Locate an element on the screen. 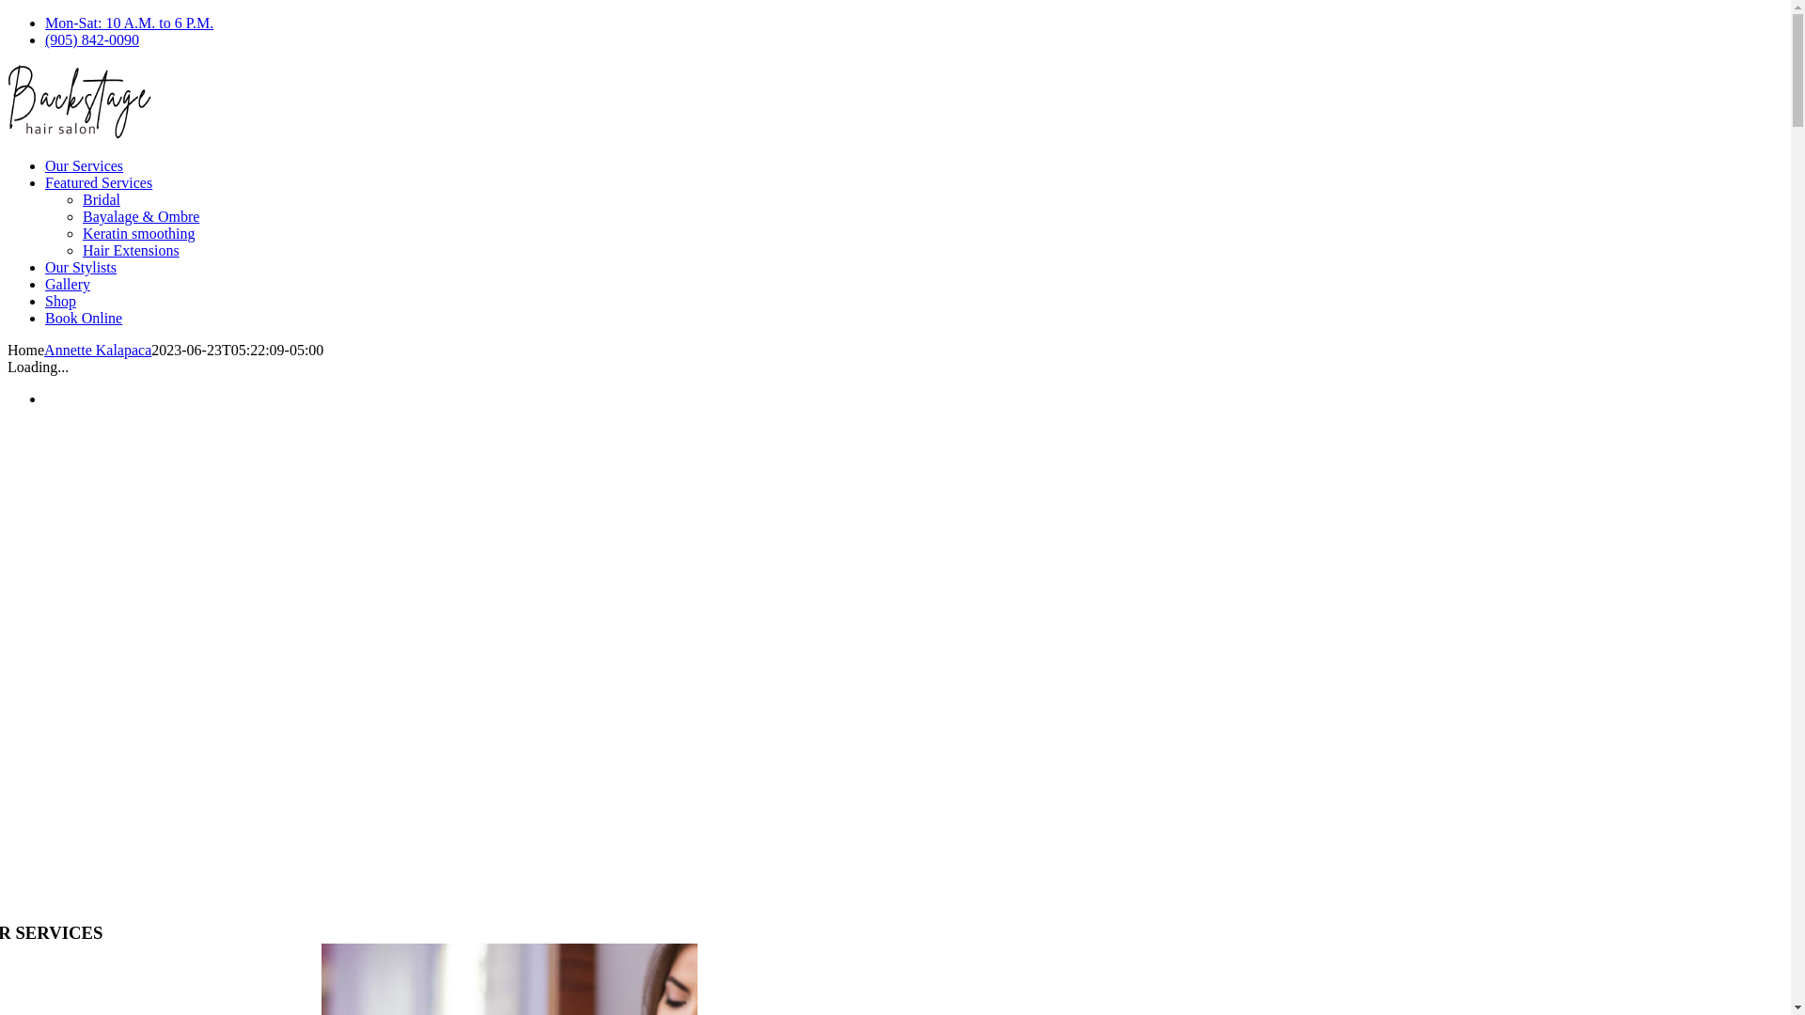  'Bridal' is located at coordinates (81, 199).